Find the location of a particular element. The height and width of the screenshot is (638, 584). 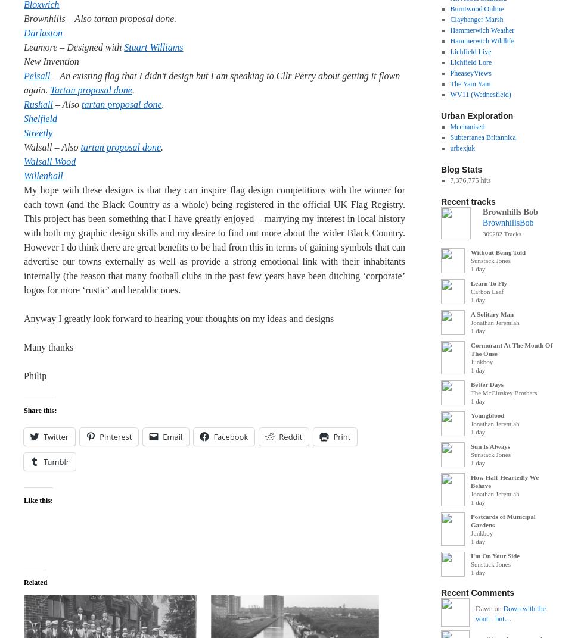

'Learn To Fly' is located at coordinates (489, 283).